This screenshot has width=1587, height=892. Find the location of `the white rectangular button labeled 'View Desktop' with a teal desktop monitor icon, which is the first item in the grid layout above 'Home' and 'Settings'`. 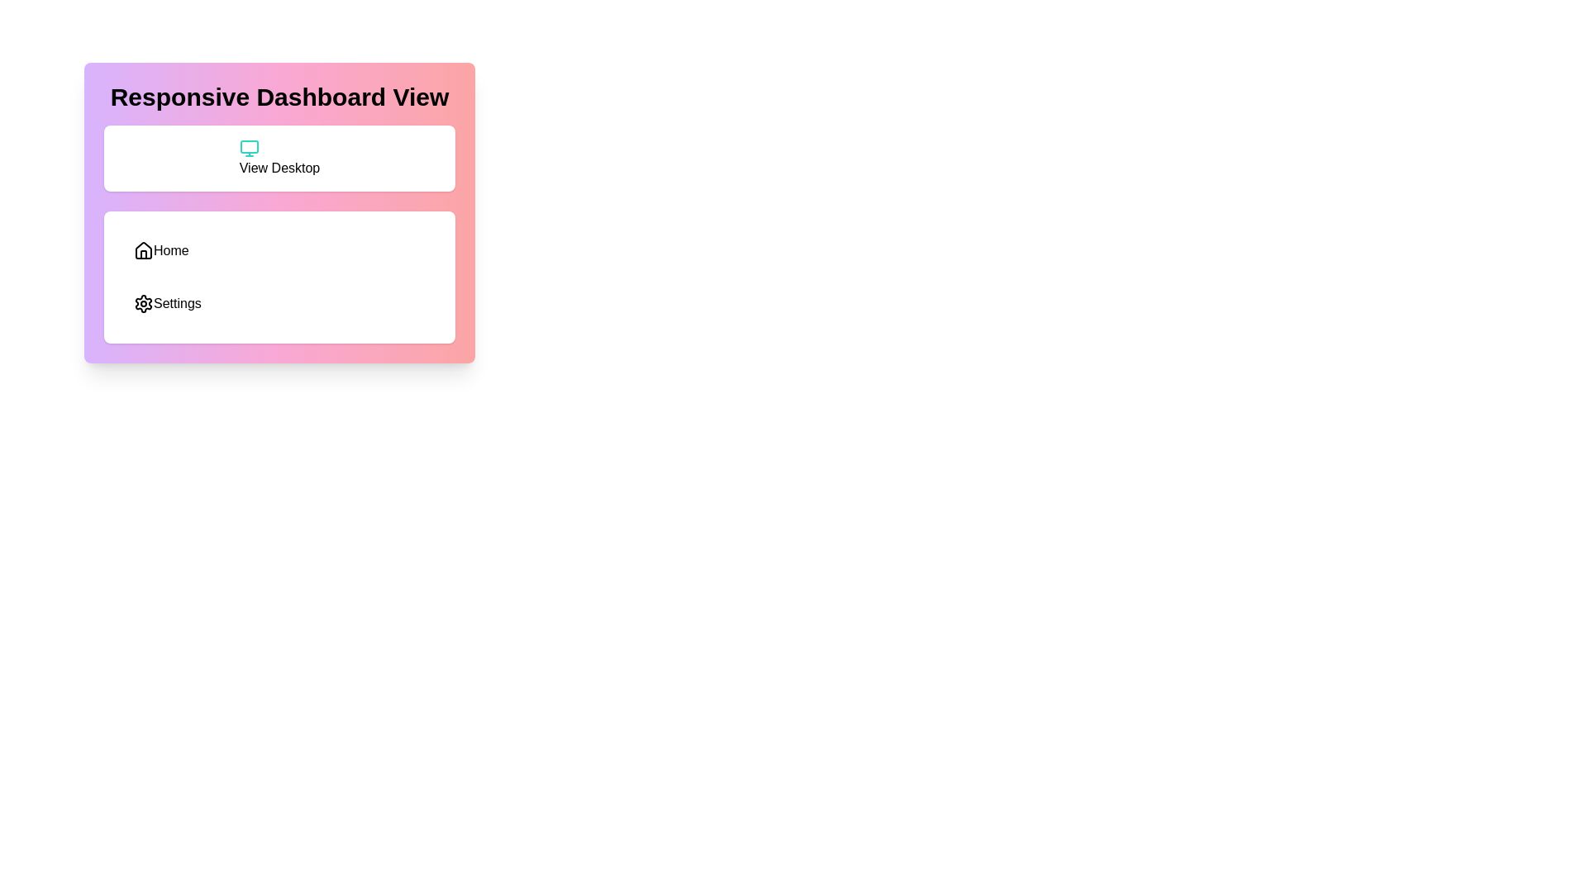

the white rectangular button labeled 'View Desktop' with a teal desktop monitor icon, which is the first item in the grid layout above 'Home' and 'Settings' is located at coordinates (279, 159).